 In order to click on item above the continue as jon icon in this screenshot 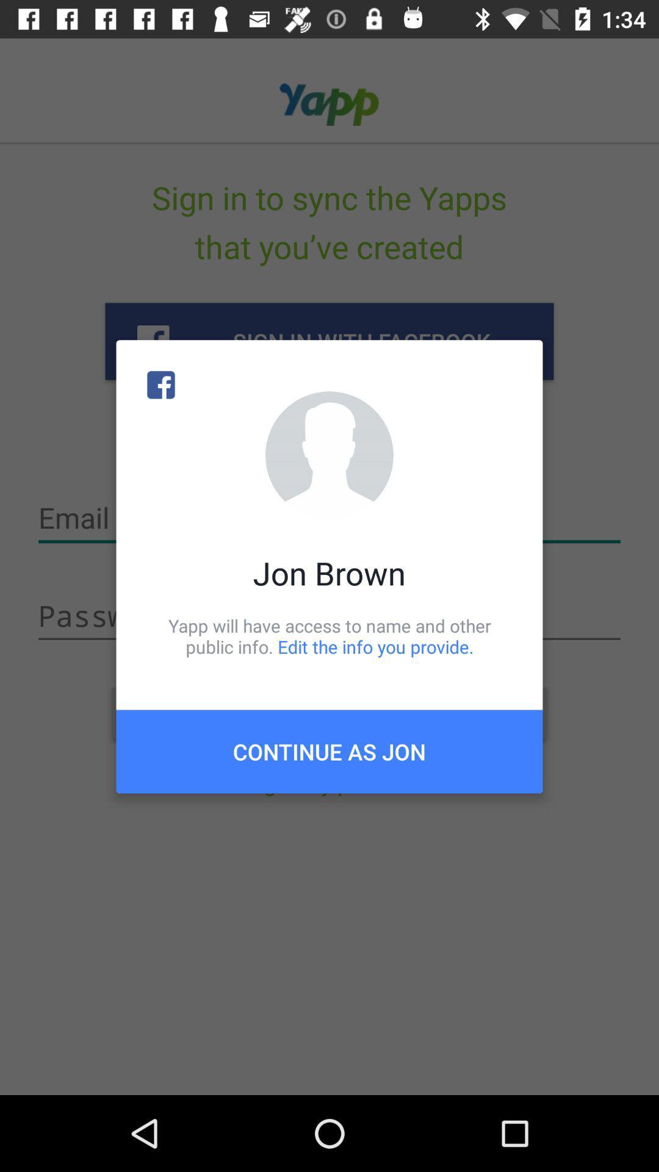, I will do `click(329, 635)`.